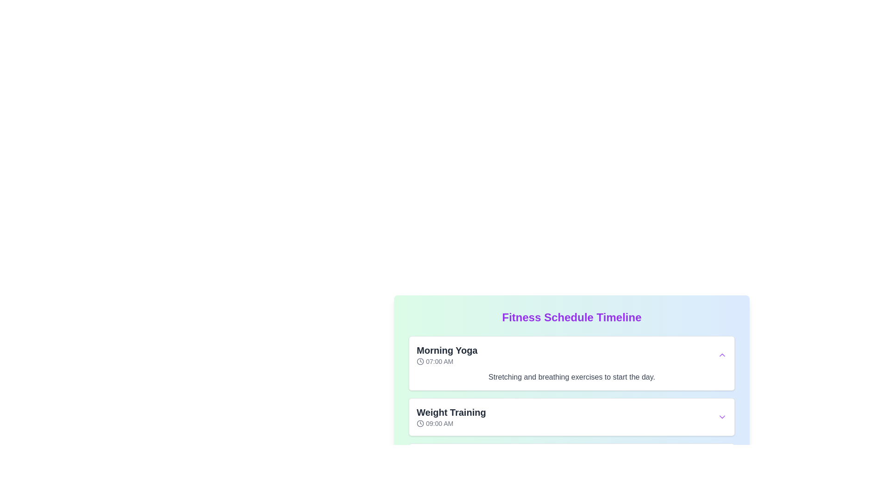 The width and height of the screenshot is (889, 500). Describe the element at coordinates (722, 355) in the screenshot. I see `the upward-pointing chevron icon styled in purple located on the right side of the 'Morning Yoga' section` at that location.